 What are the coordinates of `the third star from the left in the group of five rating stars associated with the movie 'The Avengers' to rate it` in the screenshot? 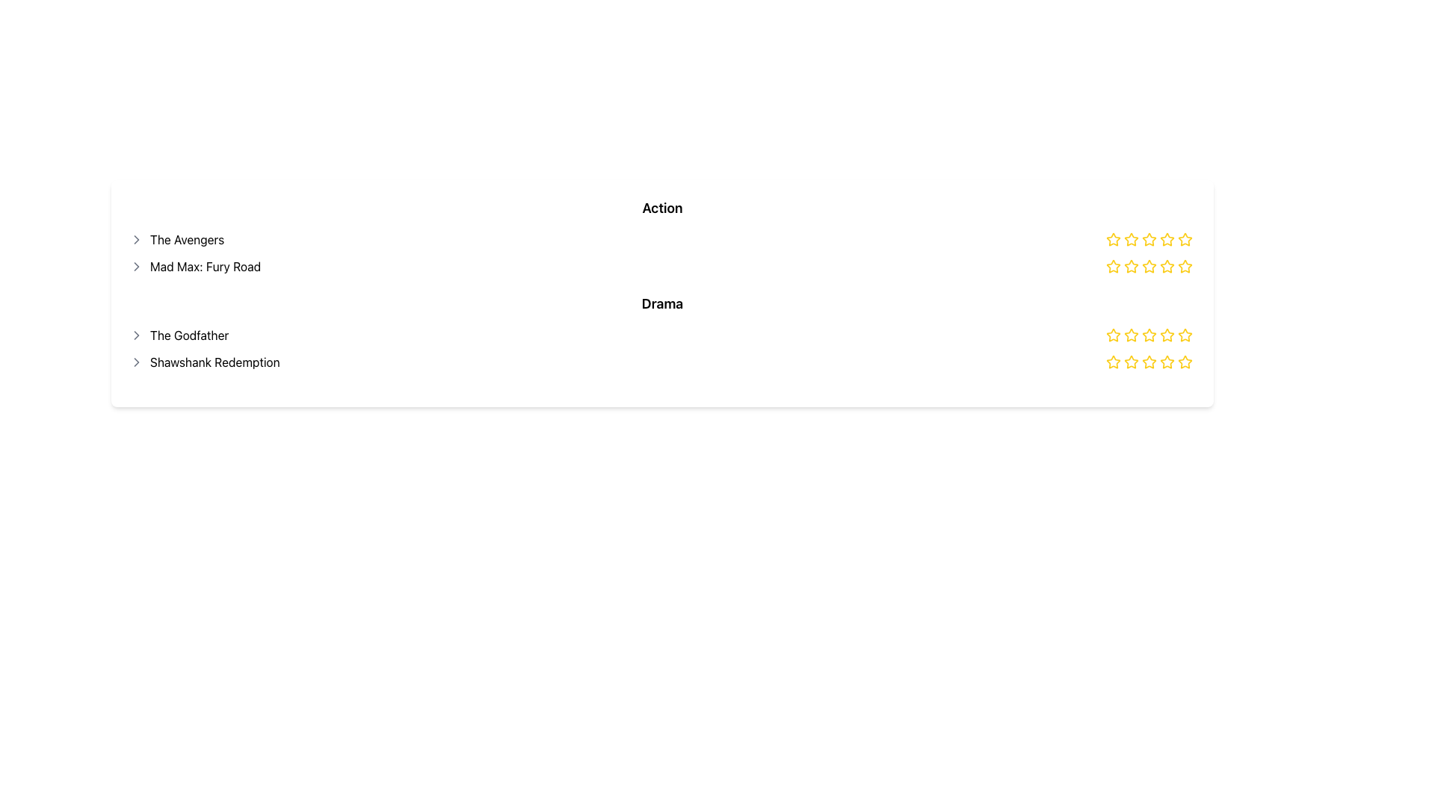 It's located at (1150, 238).